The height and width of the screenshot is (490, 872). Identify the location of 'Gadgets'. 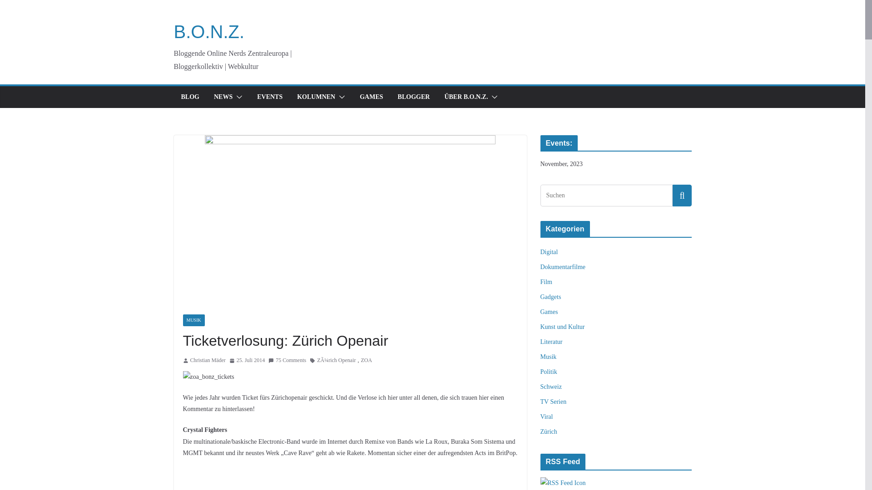
(550, 297).